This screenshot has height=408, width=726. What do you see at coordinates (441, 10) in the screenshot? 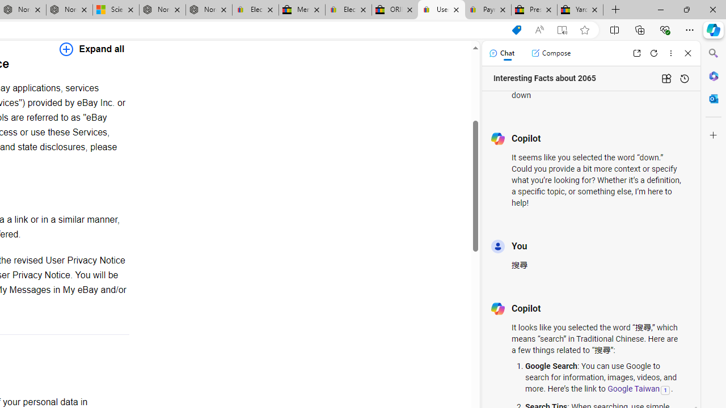
I see `'User Privacy Notice | eBay'` at bounding box center [441, 10].